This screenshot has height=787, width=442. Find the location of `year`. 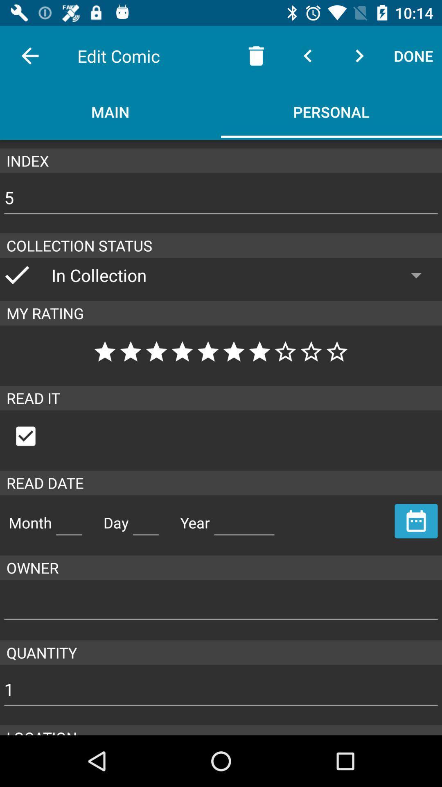

year is located at coordinates (244, 519).